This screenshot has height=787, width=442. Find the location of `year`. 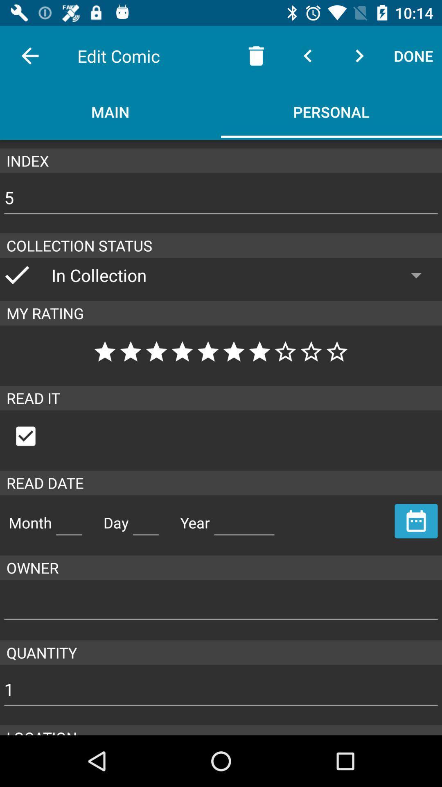

year is located at coordinates (244, 519).